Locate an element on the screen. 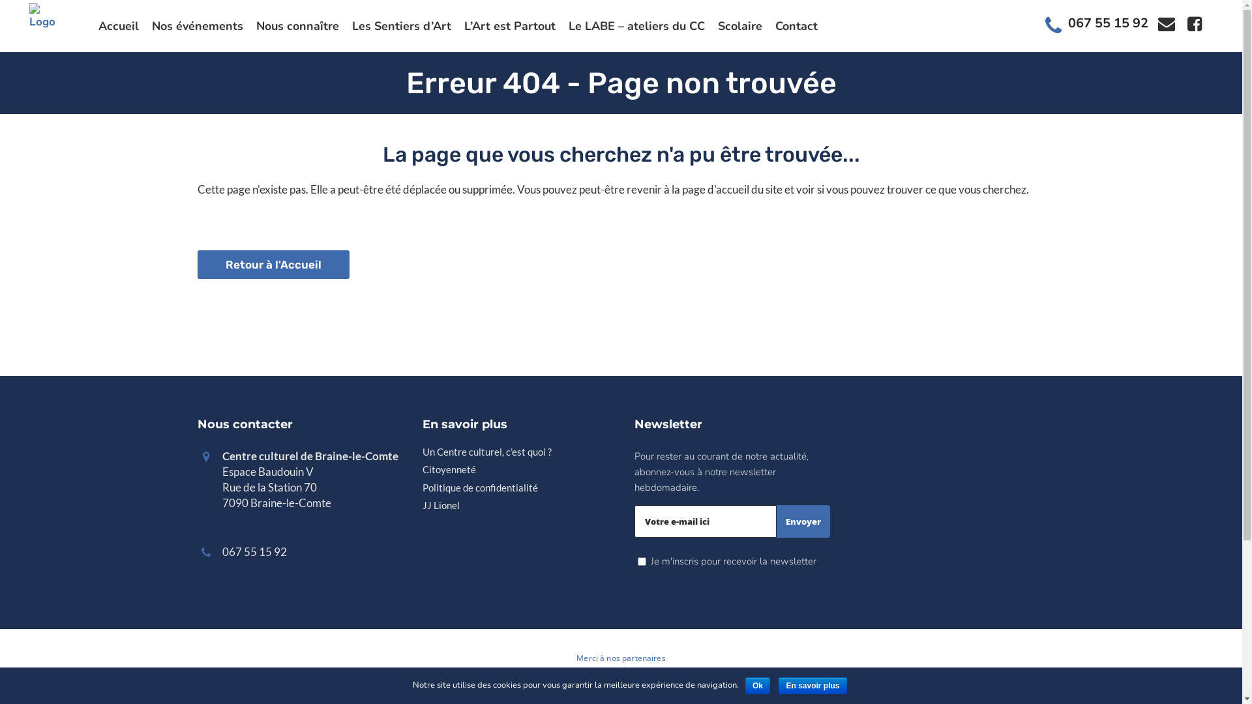 This screenshot has height=704, width=1252. 'Ok' is located at coordinates (757, 685).